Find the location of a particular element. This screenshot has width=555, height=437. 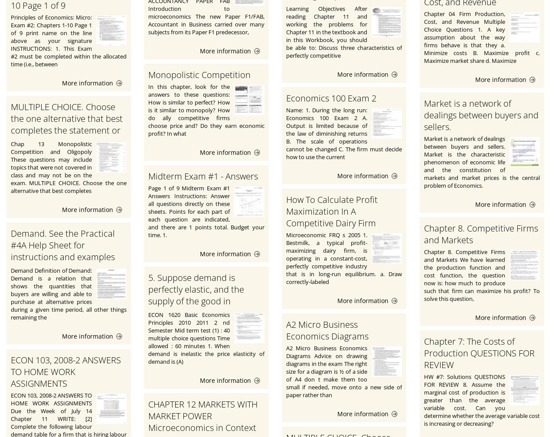

'Microeconomic FRQ s 2005 1. Bestmilk, a typical profit-maximizing dairy firm, is operating in a constant-cost, perfectly competitive industry that is in long-run equilibrium. a. Draw correctly-labeled' is located at coordinates (343, 258).